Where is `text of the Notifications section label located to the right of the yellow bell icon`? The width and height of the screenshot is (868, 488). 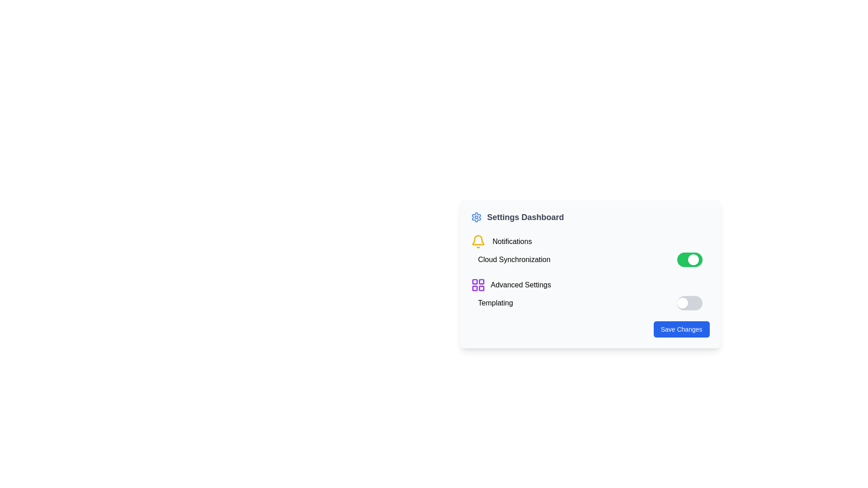
text of the Notifications section label located to the right of the yellow bell icon is located at coordinates (512, 241).